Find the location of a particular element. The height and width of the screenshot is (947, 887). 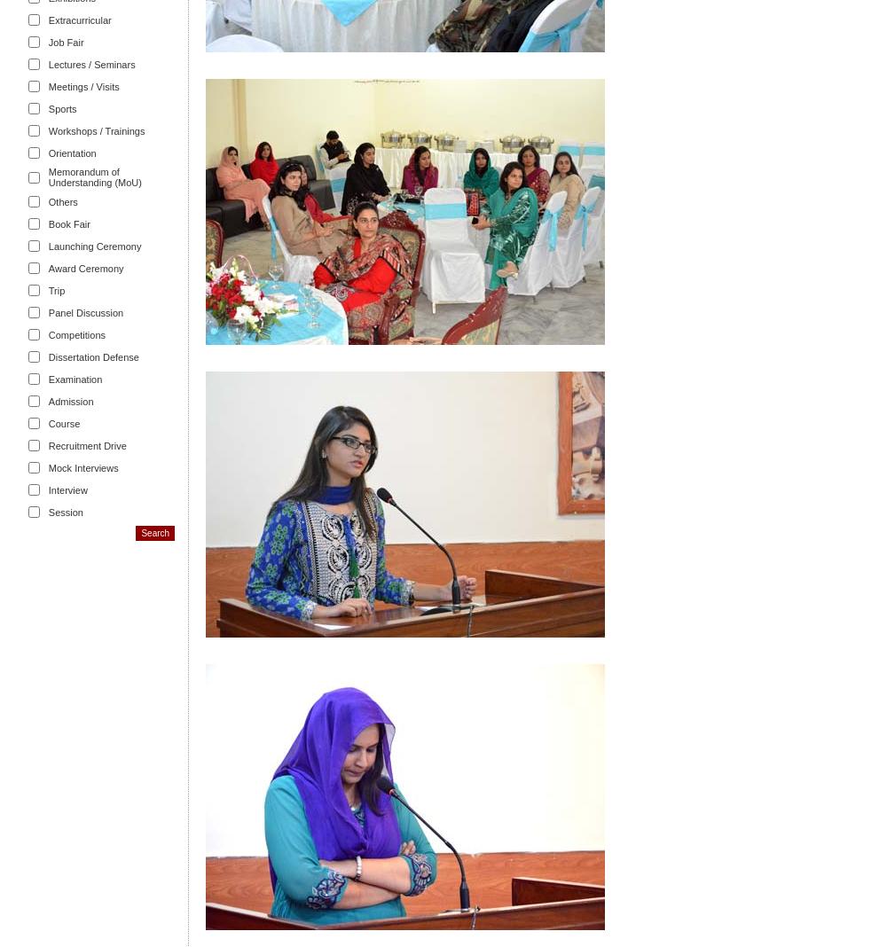

'Trip' is located at coordinates (55, 289).